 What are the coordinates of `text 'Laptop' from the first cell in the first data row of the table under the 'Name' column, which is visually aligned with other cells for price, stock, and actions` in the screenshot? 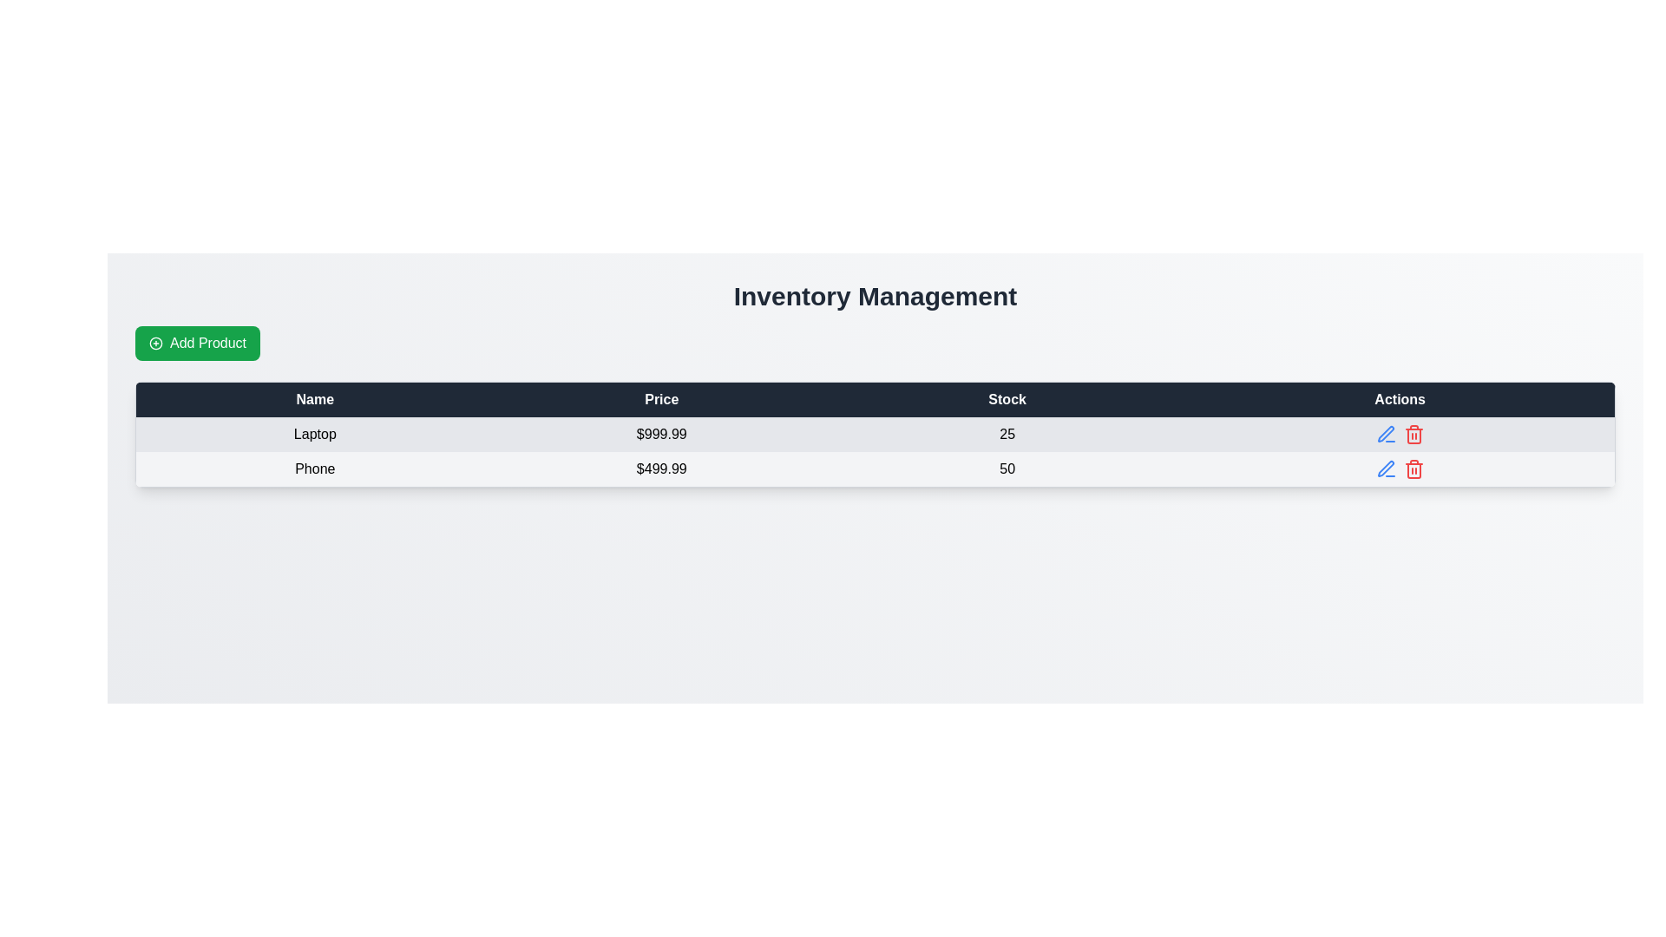 It's located at (315, 434).